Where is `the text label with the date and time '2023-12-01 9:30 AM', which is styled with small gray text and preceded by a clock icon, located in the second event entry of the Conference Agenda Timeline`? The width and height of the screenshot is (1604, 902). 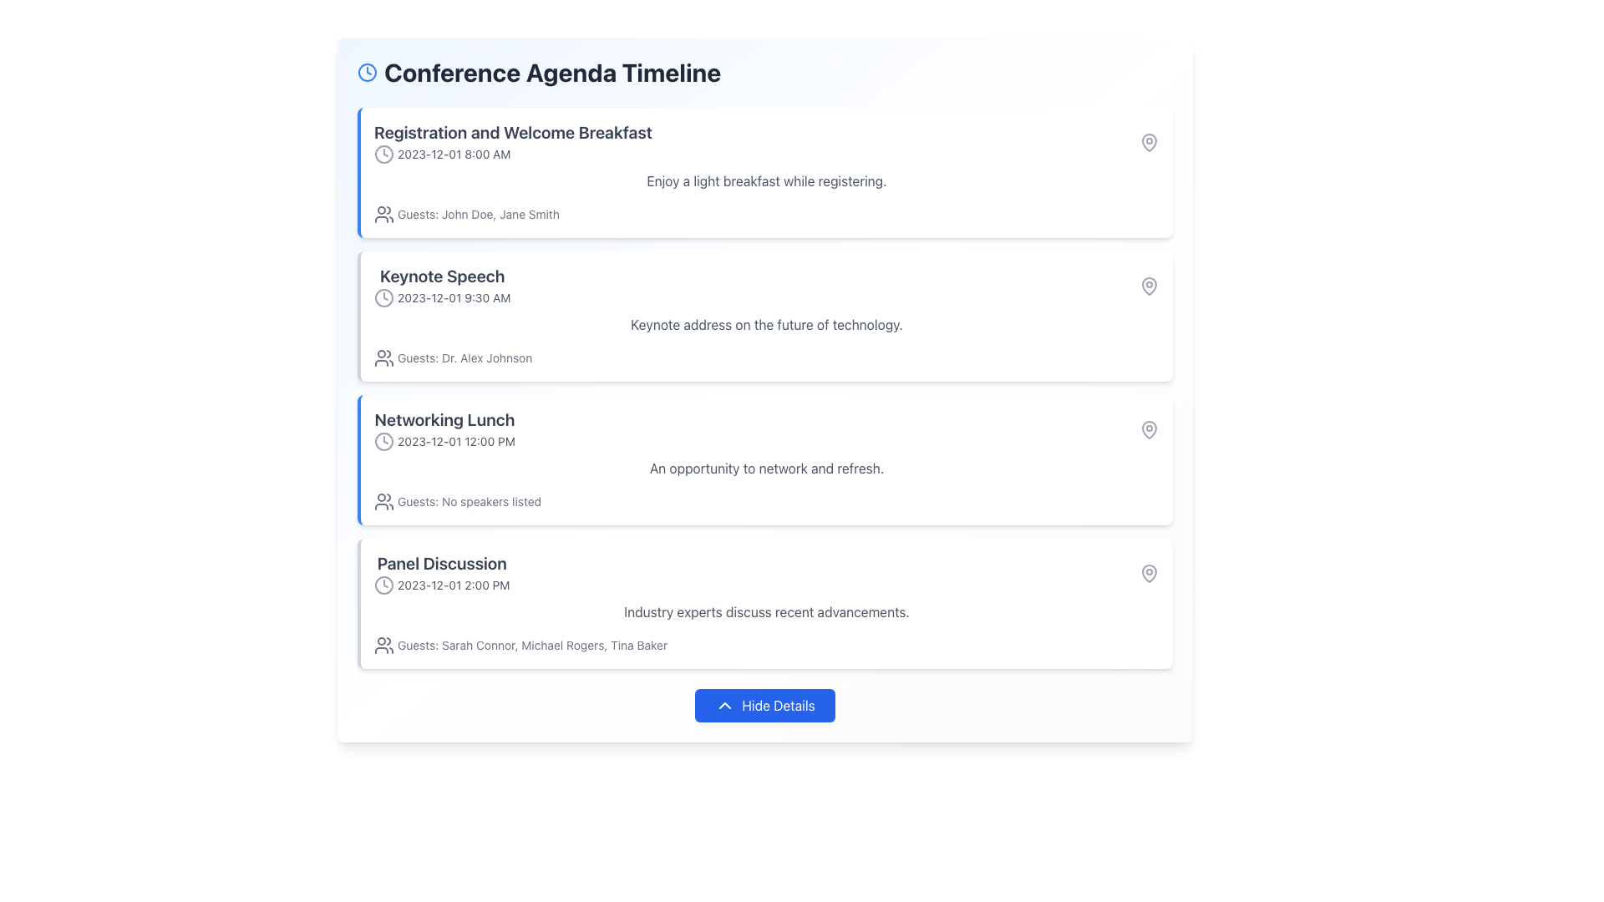 the text label with the date and time '2023-12-01 9:30 AM', which is styled with small gray text and preceded by a clock icon, located in the second event entry of the Conference Agenda Timeline is located at coordinates (442, 297).